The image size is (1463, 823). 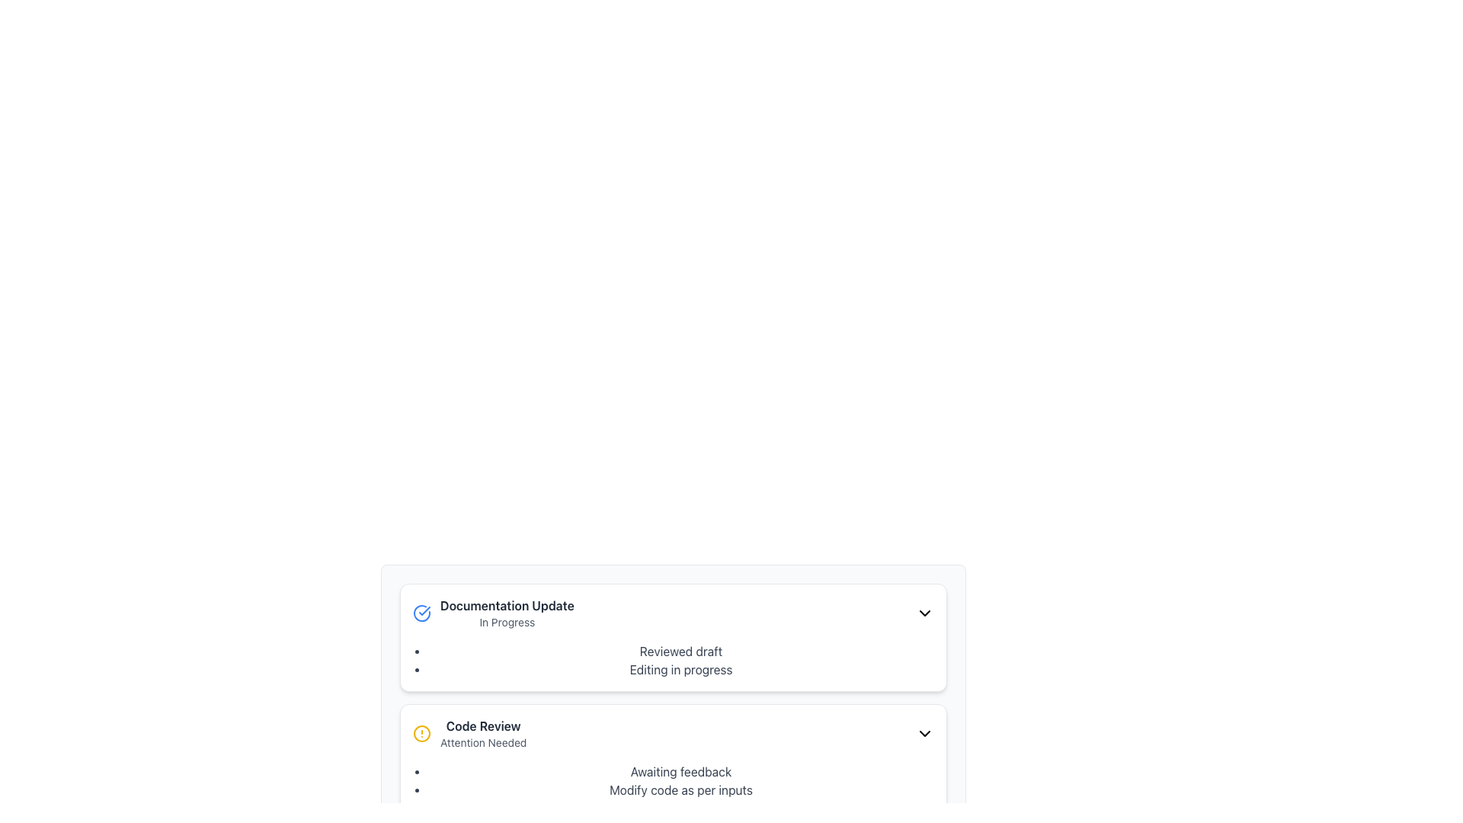 I want to click on the 'Code Review' status text block located under the 'Documentation Update' section, which indicates attention is needed, so click(x=482, y=733).